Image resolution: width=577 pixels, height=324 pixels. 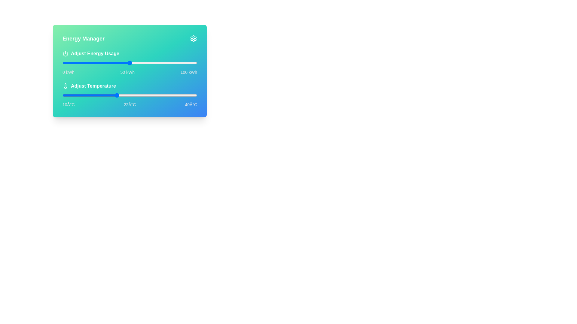 I want to click on the temperature to 19°C using the slider, so click(x=103, y=95).